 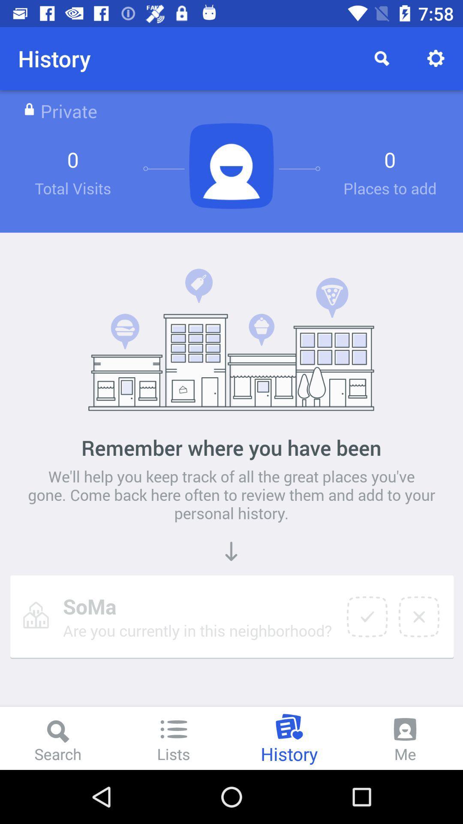 What do you see at coordinates (367, 616) in the screenshot?
I see `choose yes` at bounding box center [367, 616].